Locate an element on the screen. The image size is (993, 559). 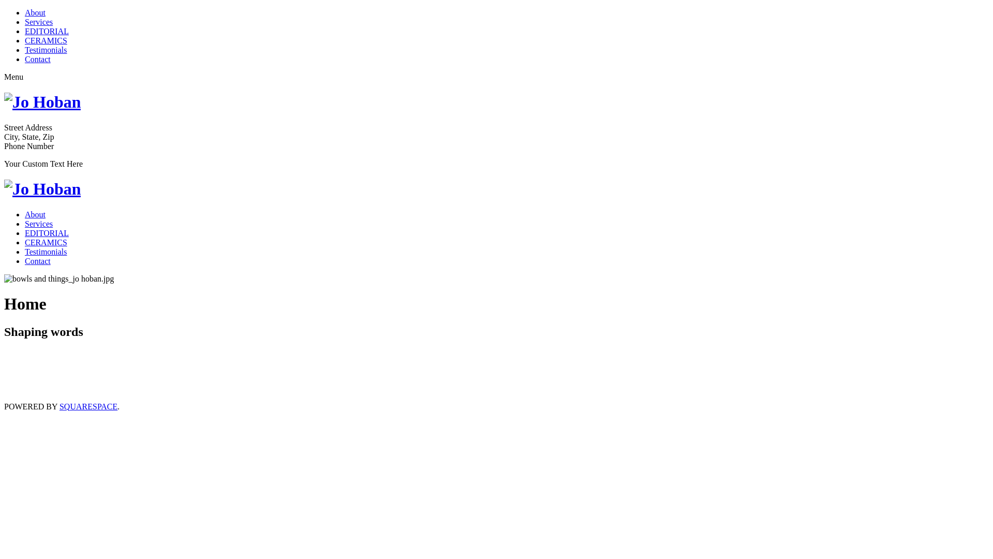
'Testimonials' is located at coordinates (46, 252).